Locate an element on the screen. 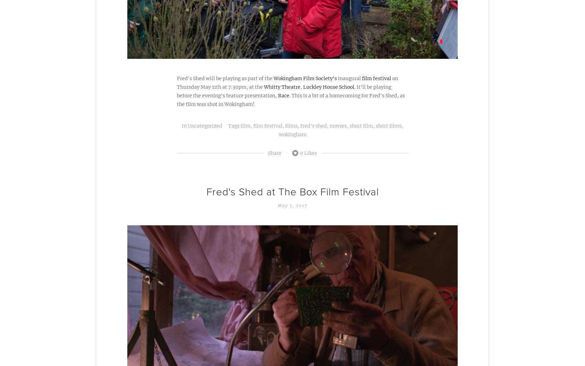  'film festival' is located at coordinates (376, 78).